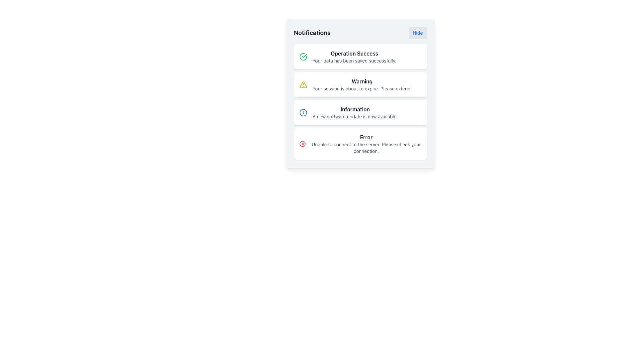 The height and width of the screenshot is (359, 638). Describe the element at coordinates (355, 112) in the screenshot. I see `the 'Information' TextBlock which contains the title 'Information' in bold and a description about a software update, located as the third item in a vertical list of notifications` at that location.